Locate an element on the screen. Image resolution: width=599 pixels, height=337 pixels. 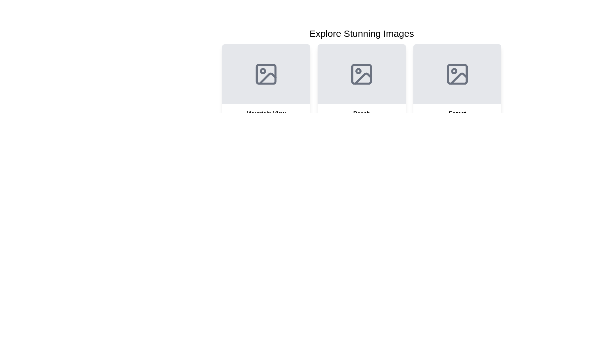
the icon resembling a picture with a mountainous landscape and a circular sun, located under the heading 'Explore Stunning Images' is located at coordinates (266, 74).